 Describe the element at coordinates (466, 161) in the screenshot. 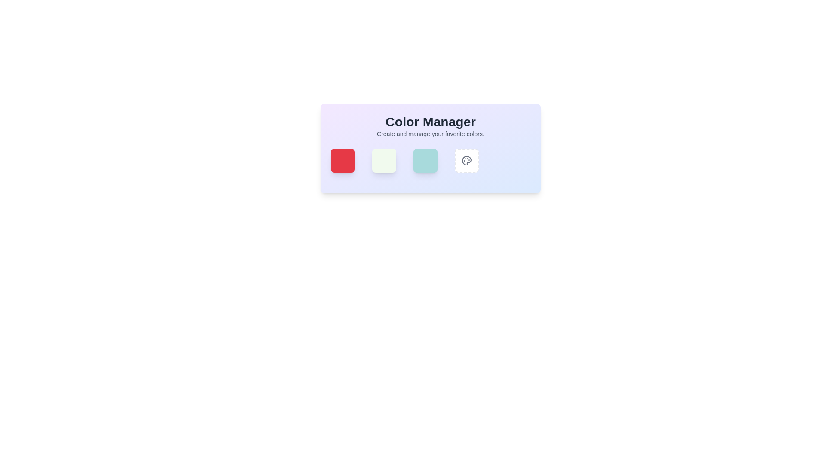

I see `the icon representing the painting or color palette functionality, which is the fourth item in the row of colored boxes within the 'Color Manager' interface` at that location.